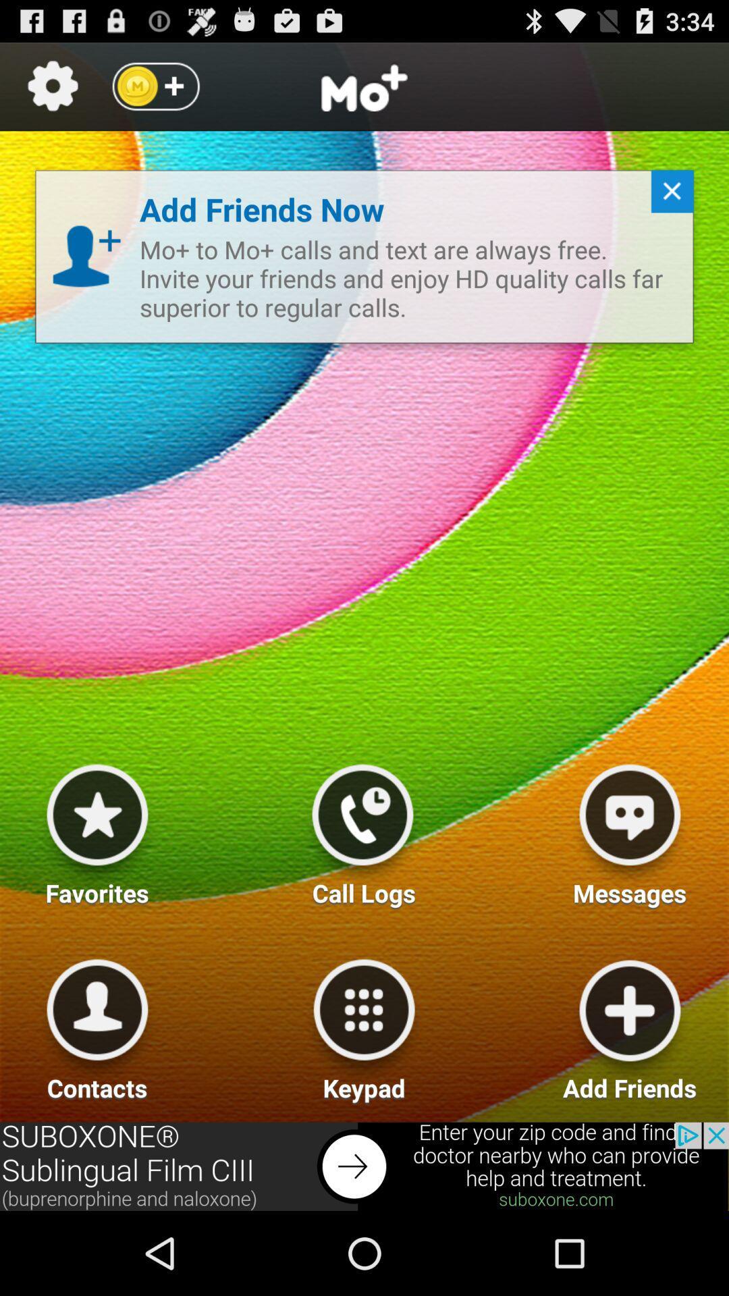  I want to click on visit advertisement website, so click(364, 1166).